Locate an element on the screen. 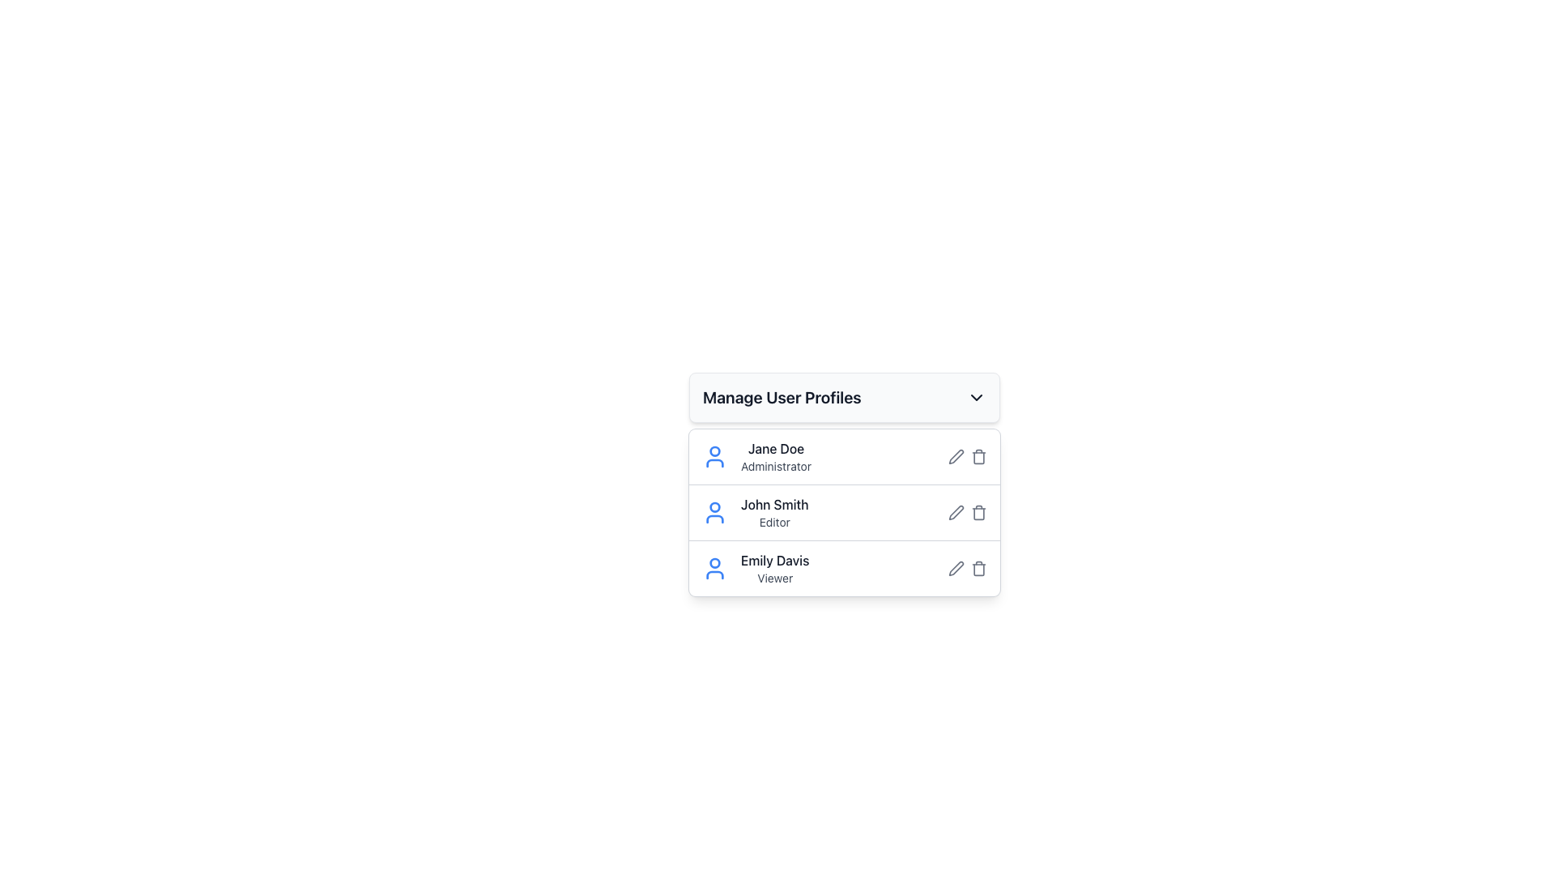  the decorative circle representing the head in the user icon for 'Jane Doe Administrator' is located at coordinates (714, 450).